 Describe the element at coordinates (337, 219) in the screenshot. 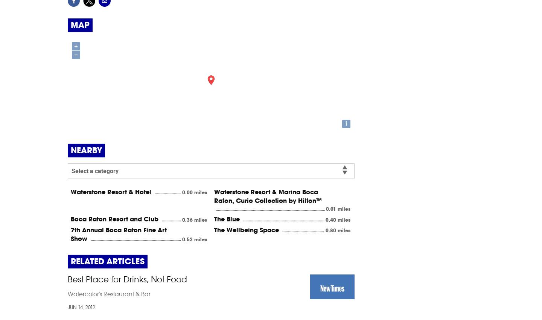

I see `'0.40 miles'` at that location.